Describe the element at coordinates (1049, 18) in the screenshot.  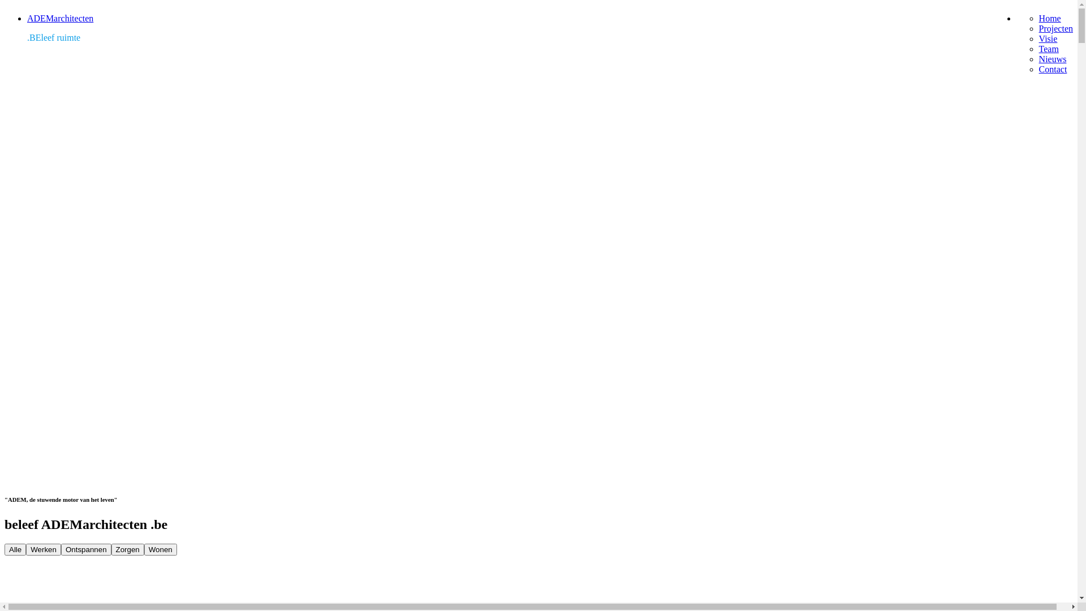
I see `'Home'` at that location.